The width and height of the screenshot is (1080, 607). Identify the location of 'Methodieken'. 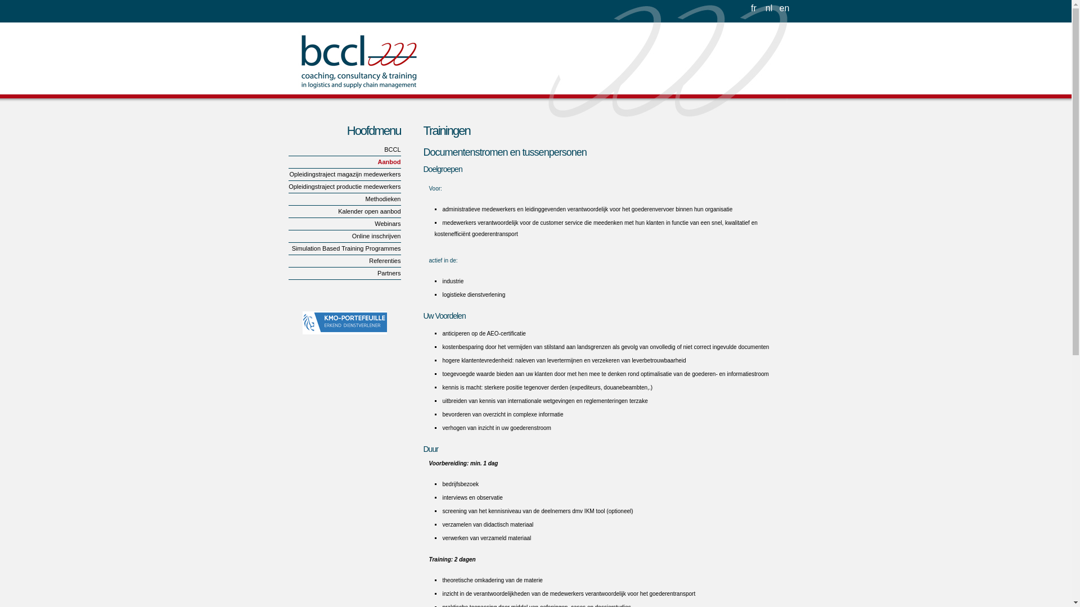
(343, 198).